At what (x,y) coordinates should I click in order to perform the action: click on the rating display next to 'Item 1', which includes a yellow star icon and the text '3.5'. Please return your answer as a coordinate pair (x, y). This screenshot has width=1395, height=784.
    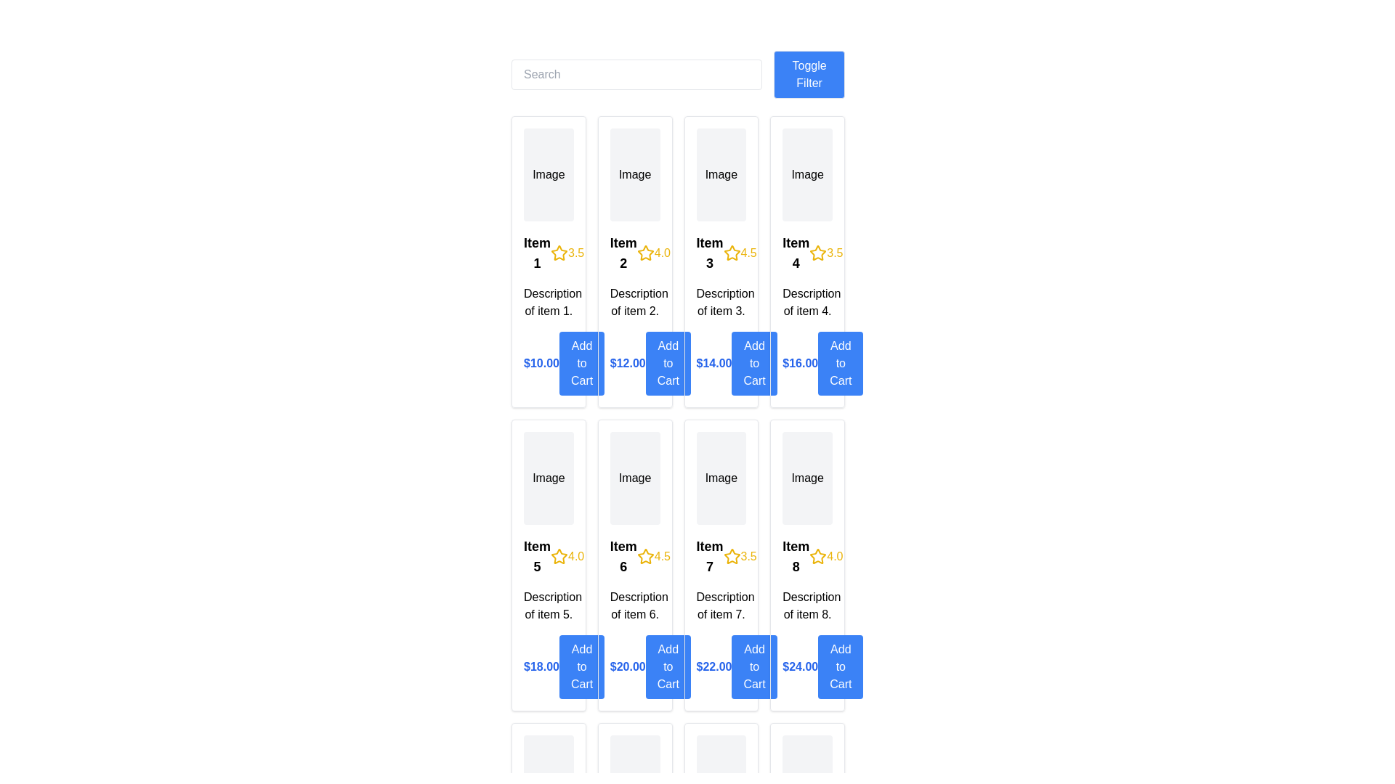
    Looking at the image, I should click on (567, 252).